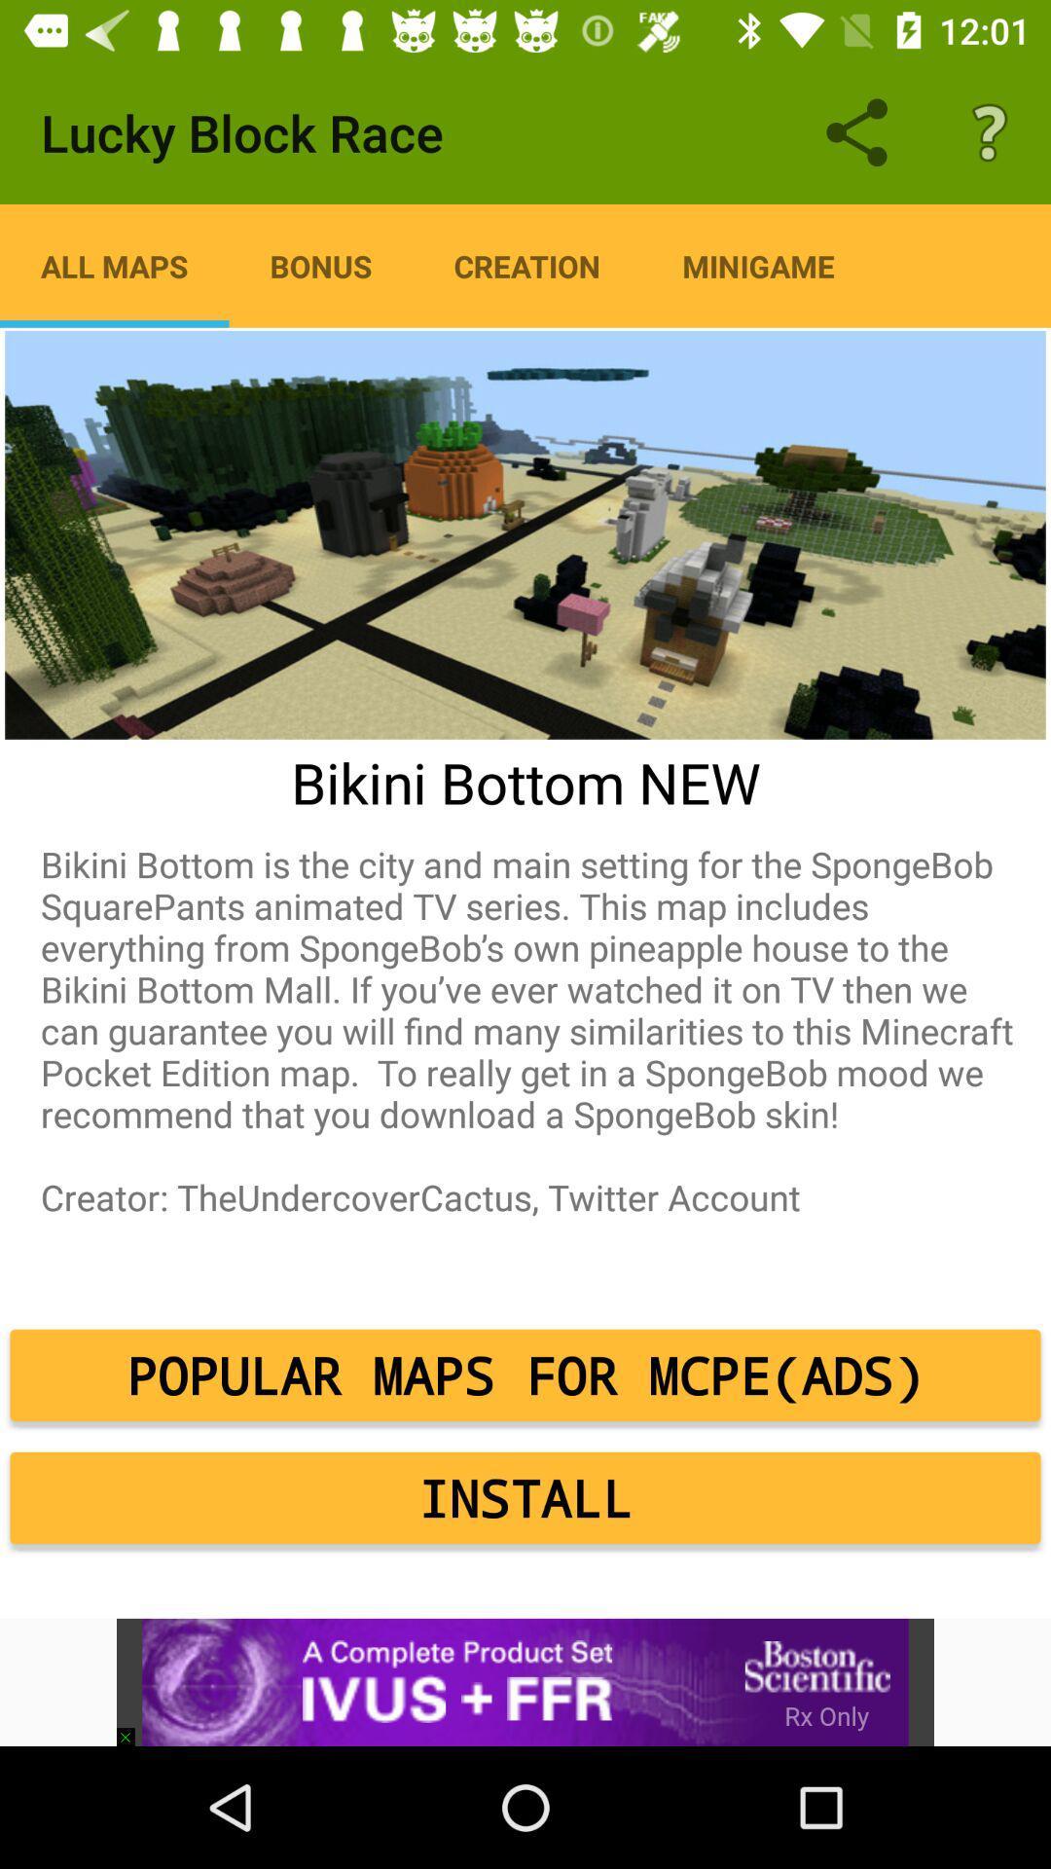  Describe the element at coordinates (525, 1497) in the screenshot. I see `the install` at that location.